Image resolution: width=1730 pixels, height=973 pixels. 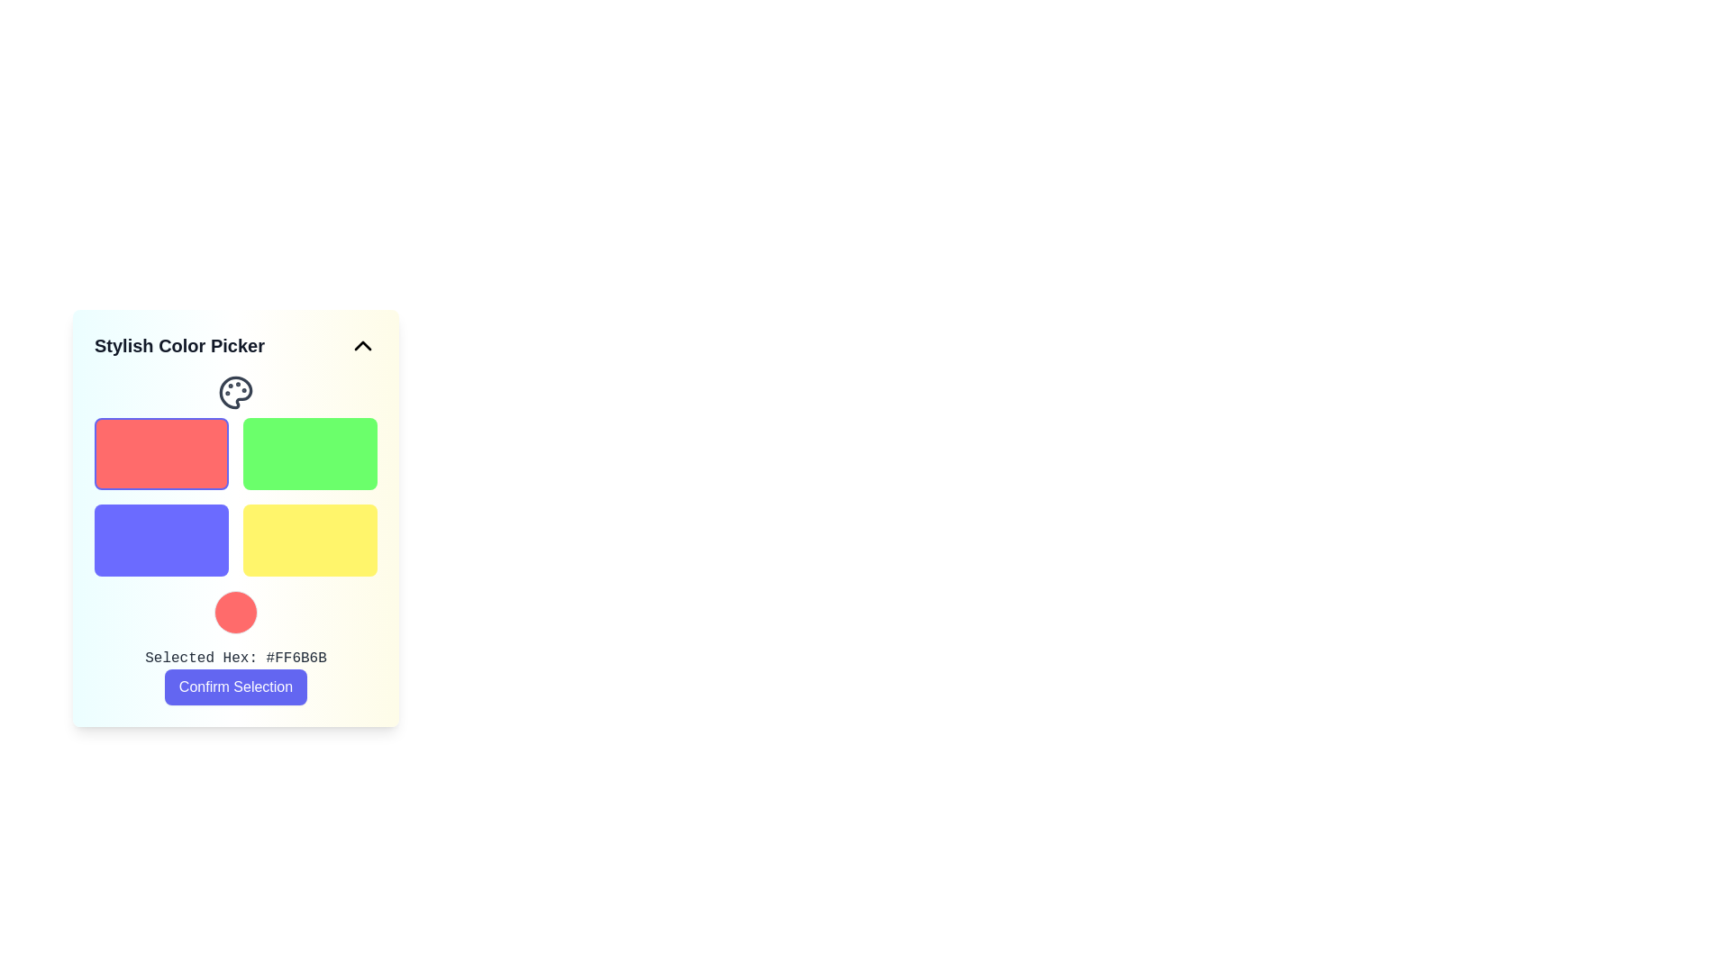 I want to click on the top-left selectable box with a red background and indigo border to observe a visual scaling effect, so click(x=161, y=453).